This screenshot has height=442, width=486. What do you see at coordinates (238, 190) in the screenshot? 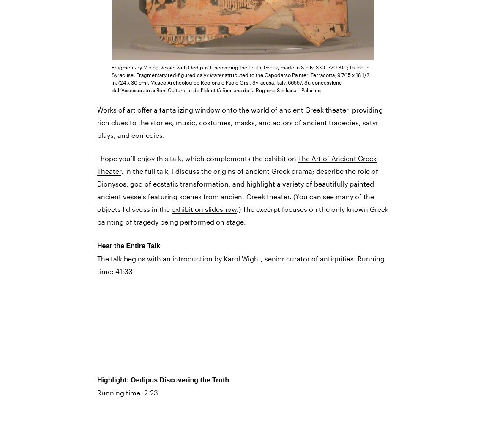
I see `'. In the full talk, I discuss the origins of ancient Greek drama; describe the role of Dionysos, god of ecstatic transformation; and highlight a variety of beautifully painted ancient vessels featuring scenes from ancient Greek theater. (You can see many of the objects I discuss in the'` at bounding box center [238, 190].